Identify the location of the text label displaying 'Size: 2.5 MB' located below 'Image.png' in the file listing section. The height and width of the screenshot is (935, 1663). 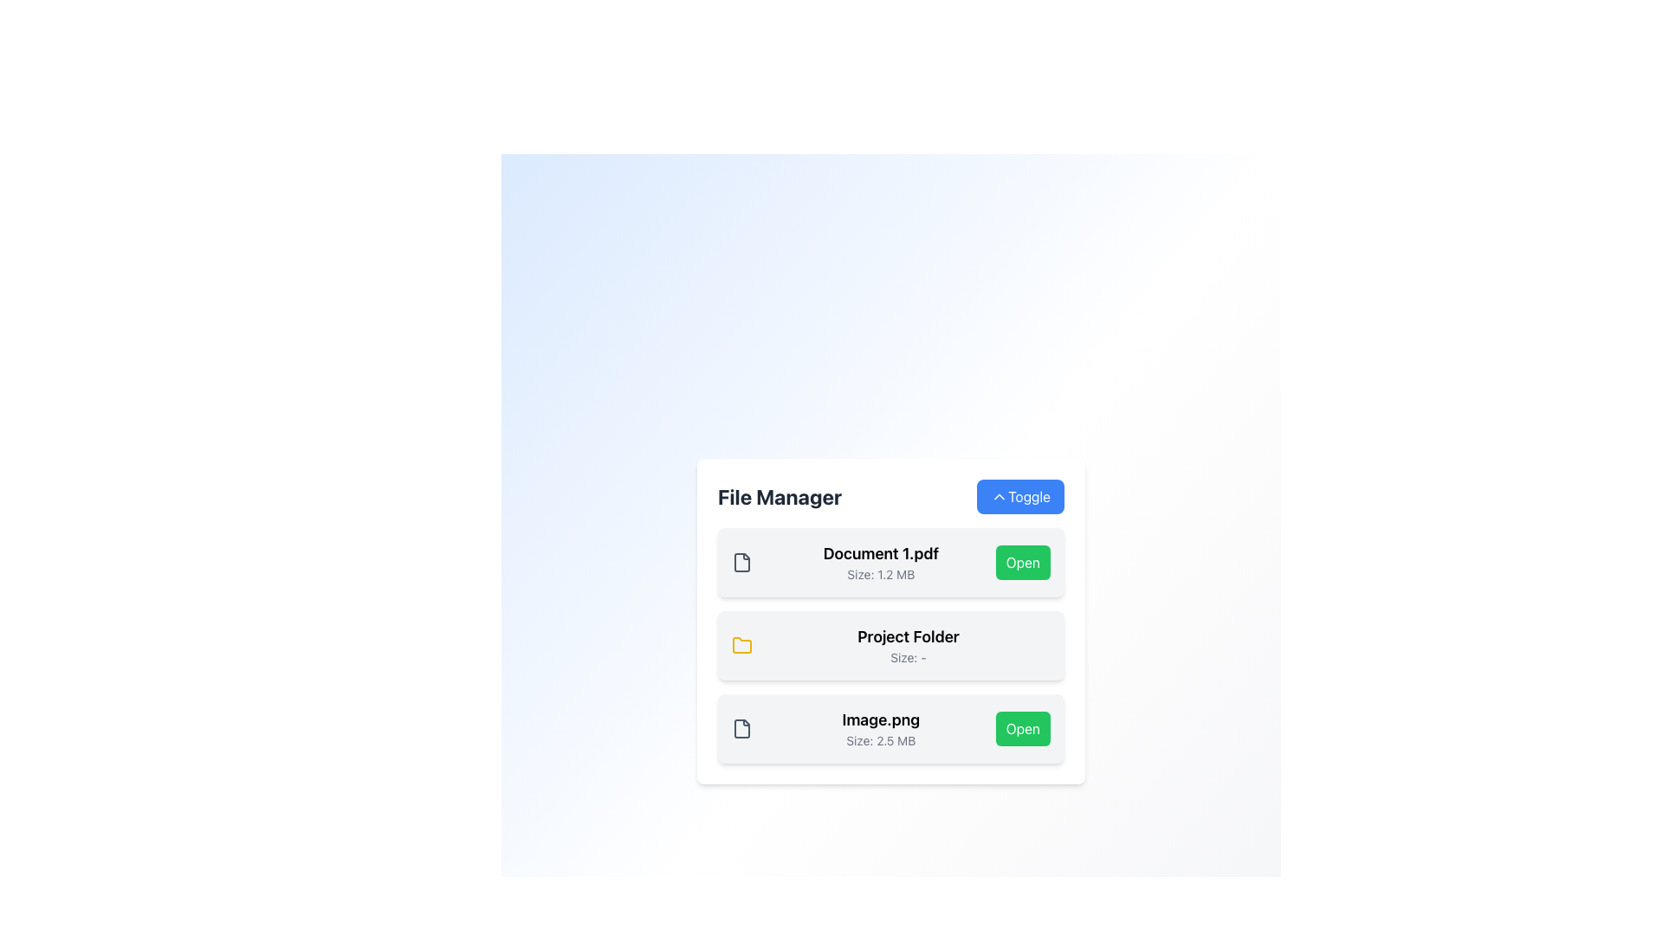
(881, 740).